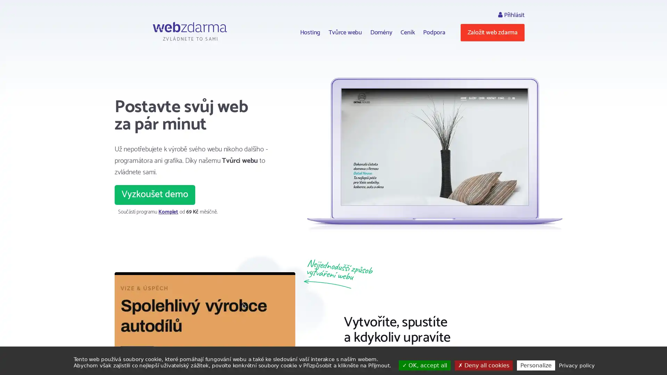 This screenshot has width=667, height=375. What do you see at coordinates (424, 365) in the screenshot?
I see `OK, accept all` at bounding box center [424, 365].